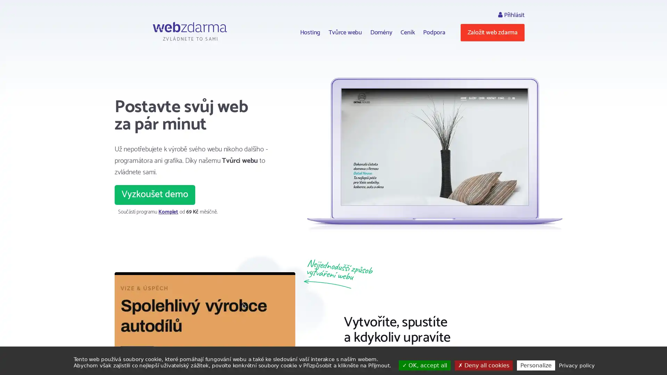 This screenshot has width=667, height=375. What do you see at coordinates (424, 365) in the screenshot?
I see `OK, accept all` at bounding box center [424, 365].